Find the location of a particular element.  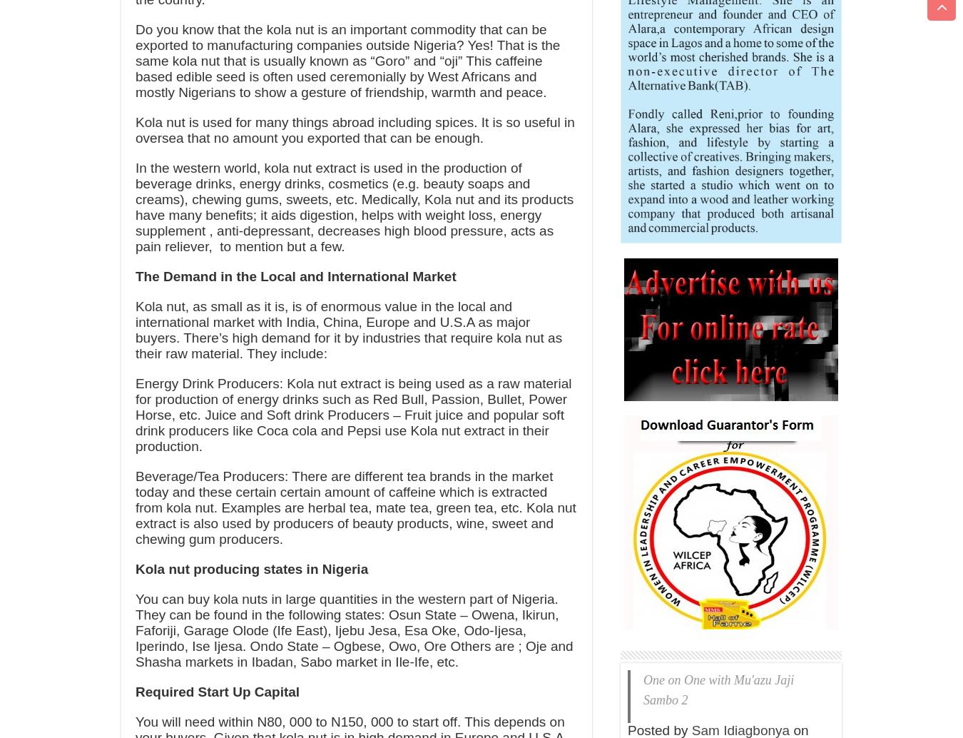

'You can buy kola nuts in large quantities in the western part of Nigeria. They can be found in the following states: Osun State – Owena, Ikirun, Faforiji, Garage Olode (Ife East), Ijebu Jesa, Esa Oke, Odo-Ijesa, Iperindo, Ise Ijesa. Ondo State – Ogbese, Owo, Ore Others are ; Oje and Shasha markets in Ibadan, Sabo market in Ile-Ife, etc.' is located at coordinates (135, 630).